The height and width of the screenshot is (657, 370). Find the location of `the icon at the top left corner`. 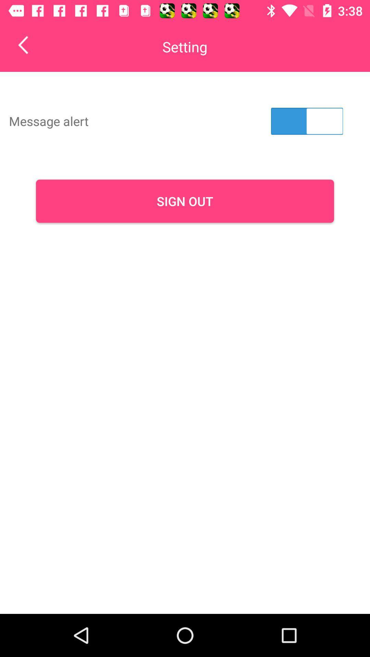

the icon at the top left corner is located at coordinates (28, 44).